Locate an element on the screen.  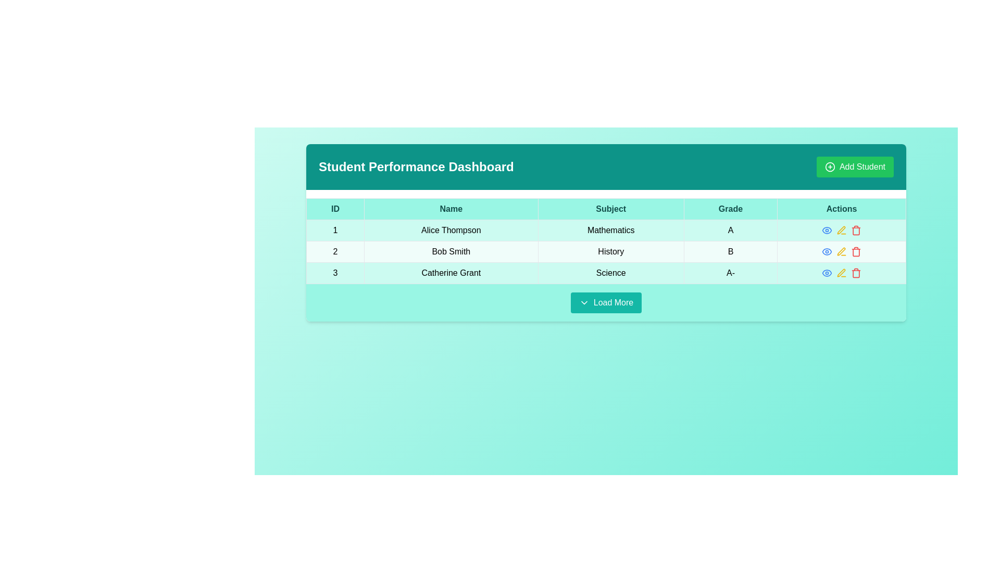
the table cell containing the number '2' in the second row under the 'ID' column header, associated with 'Bob Smith' is located at coordinates (335, 251).